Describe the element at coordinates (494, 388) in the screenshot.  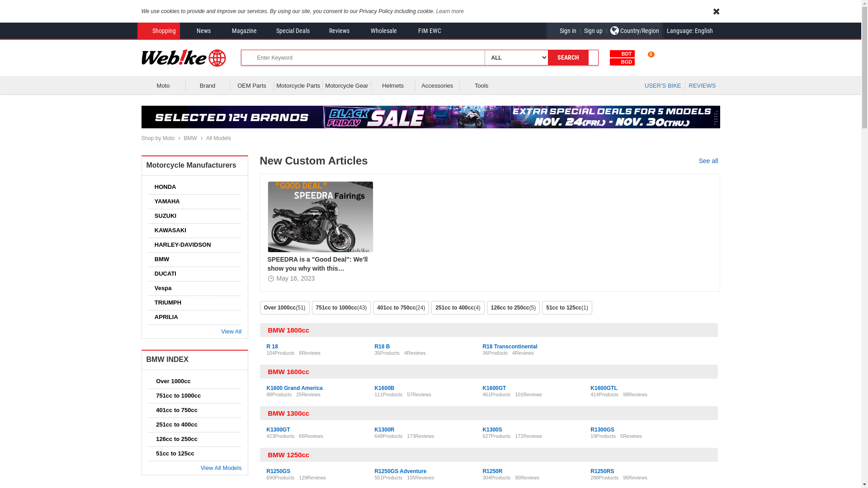
I see `'K1600GT'` at that location.